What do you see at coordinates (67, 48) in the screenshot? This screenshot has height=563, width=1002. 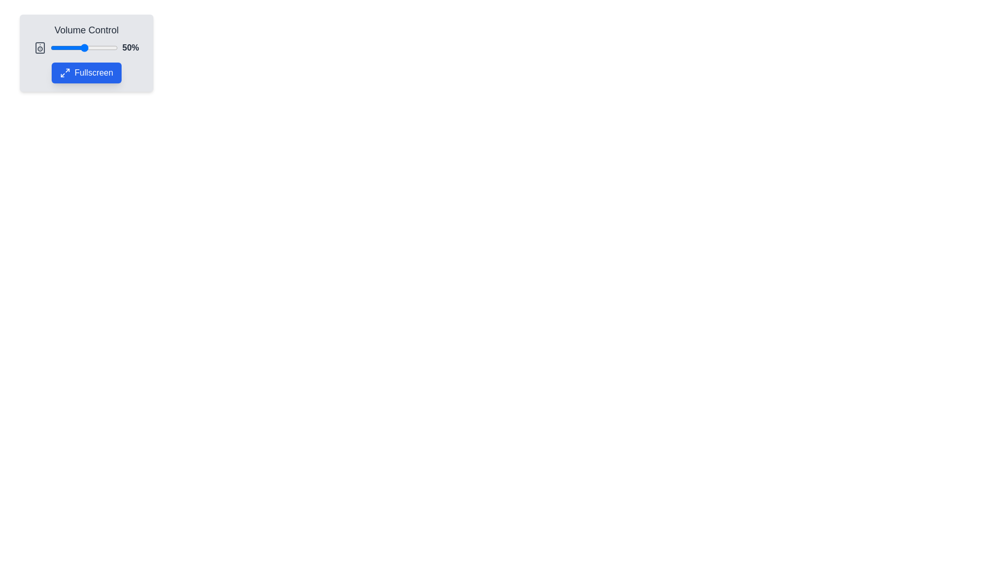 I see `the volume to 26% by dragging the slider` at bounding box center [67, 48].